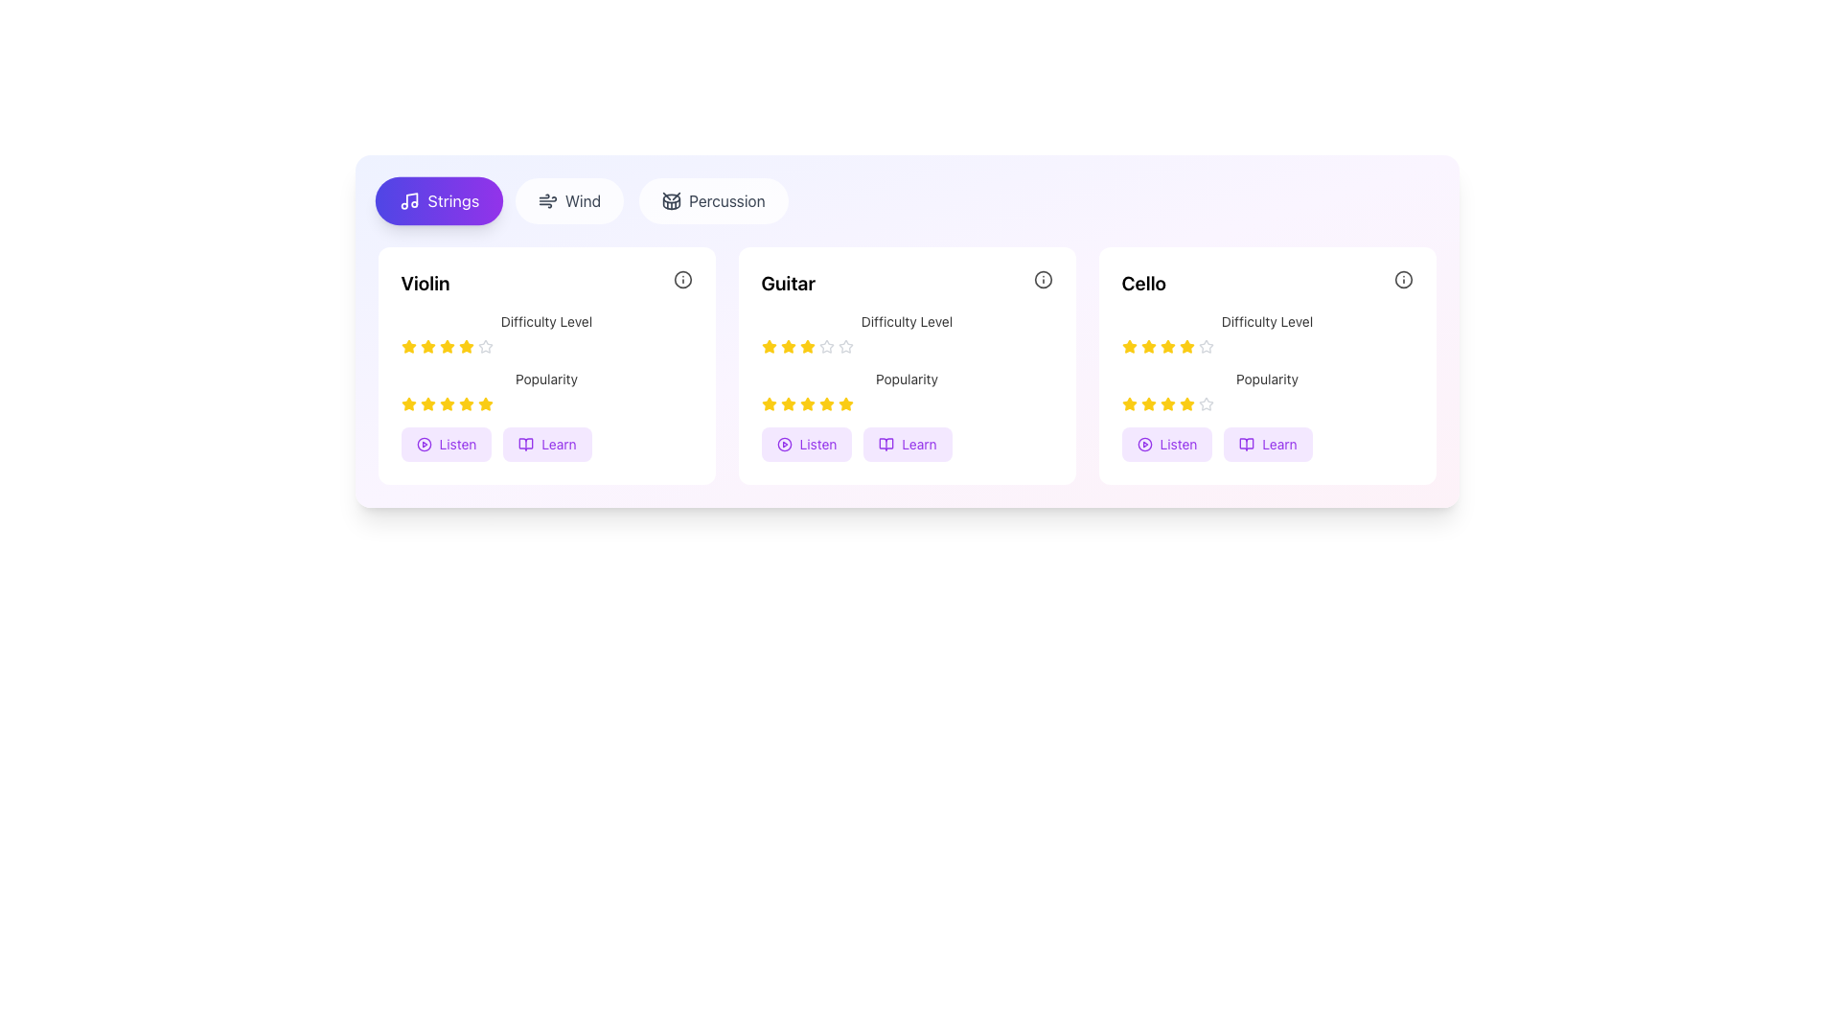 The width and height of the screenshot is (1840, 1035). I want to click on the 'Listen' button, which is a rounded rectangle with a purple background and bold text, located at the bottom-left of the 'Violin' card, so click(445, 444).